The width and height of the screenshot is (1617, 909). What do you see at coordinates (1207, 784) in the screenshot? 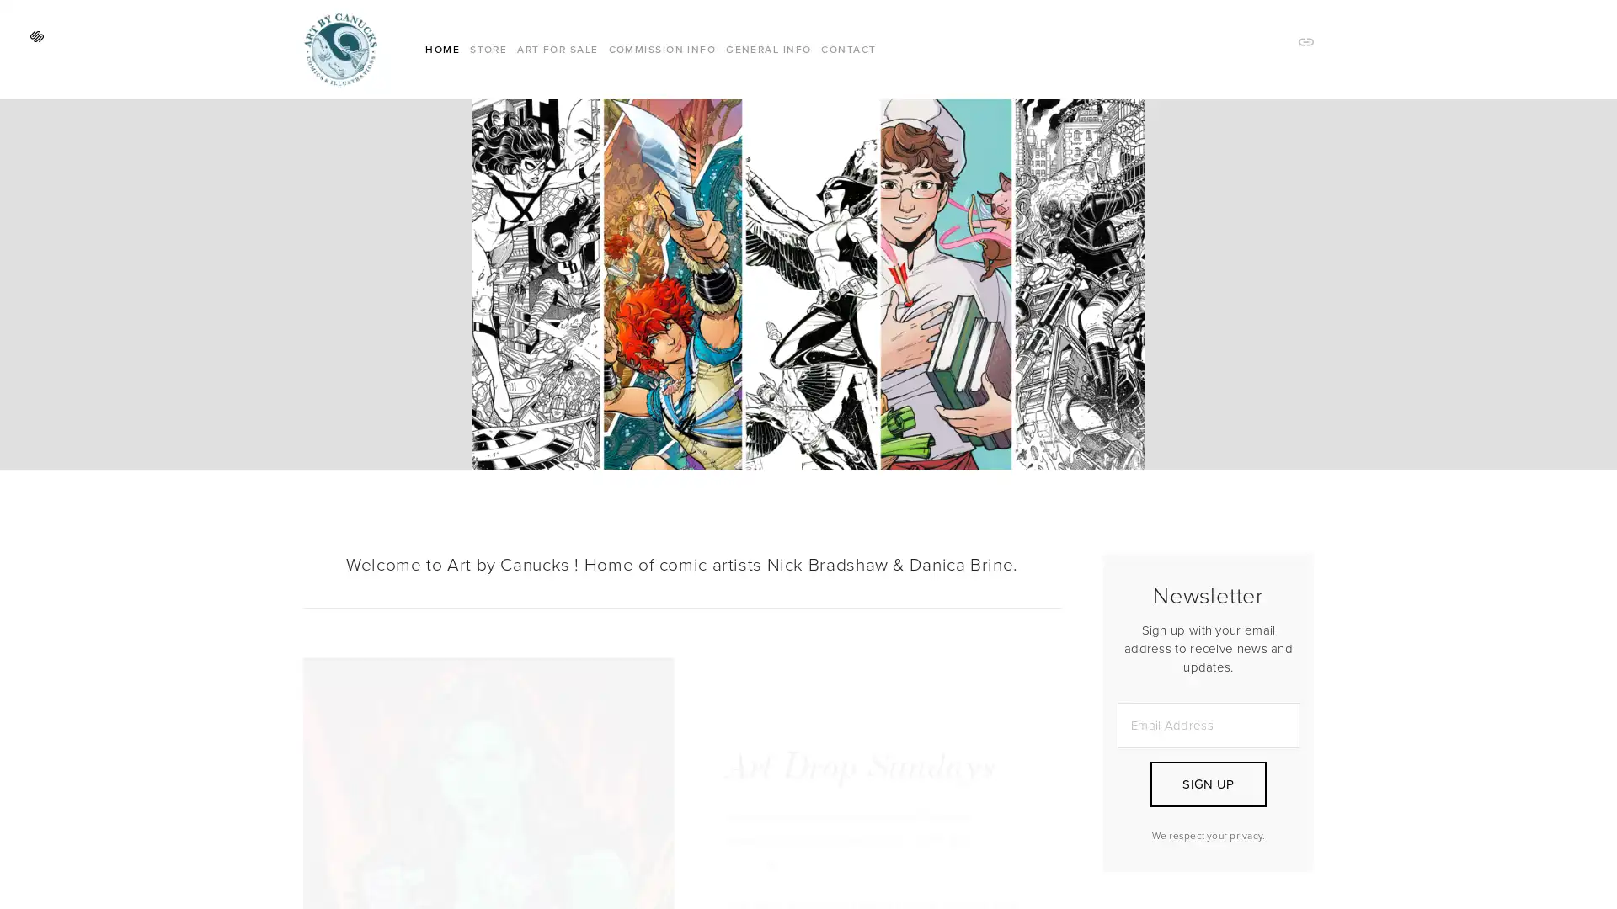
I see `SIGN UP` at bounding box center [1207, 784].